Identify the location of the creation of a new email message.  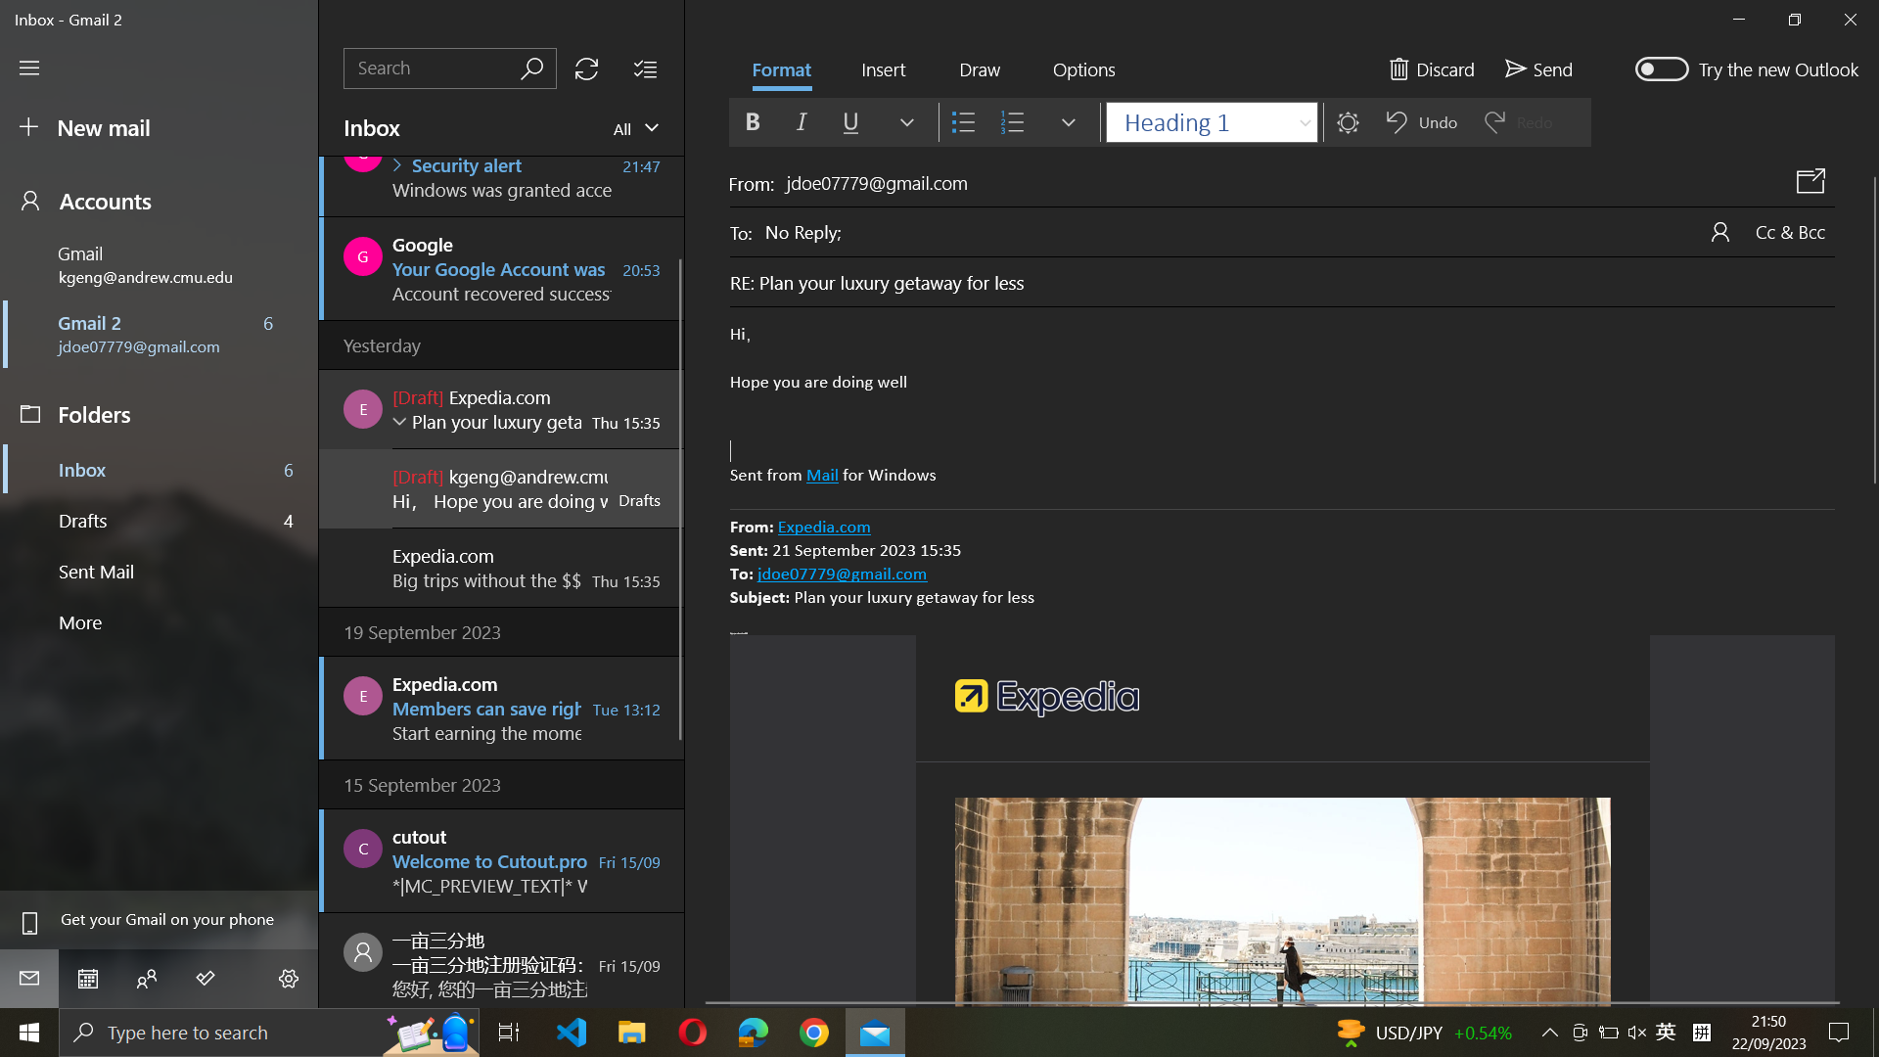
(157, 128).